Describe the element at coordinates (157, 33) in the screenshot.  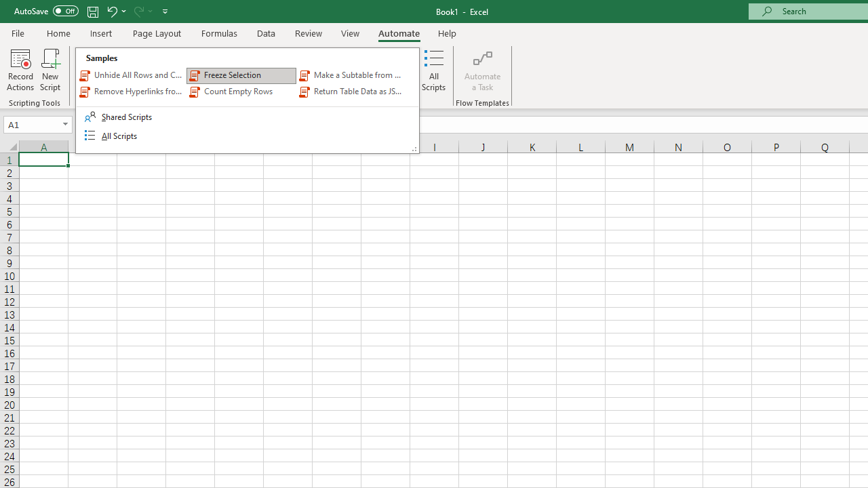
I see `'Page Layout'` at that location.